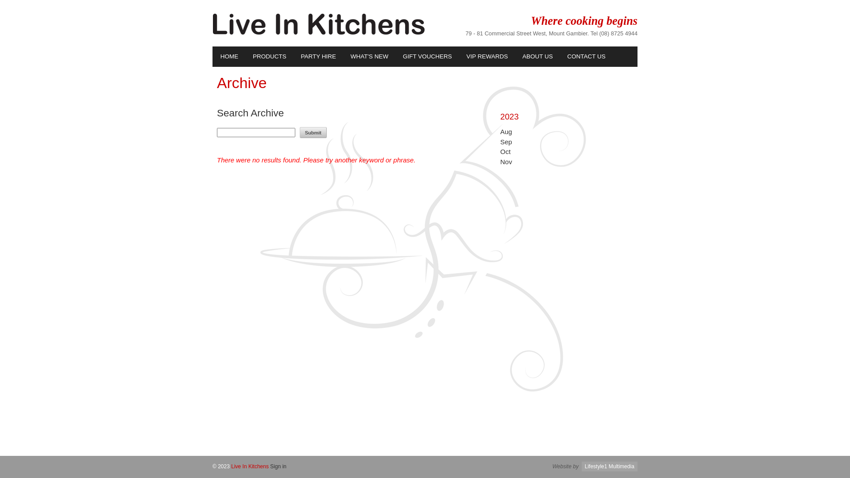  Describe the element at coordinates (559, 57) in the screenshot. I see `'CONTACT US'` at that location.